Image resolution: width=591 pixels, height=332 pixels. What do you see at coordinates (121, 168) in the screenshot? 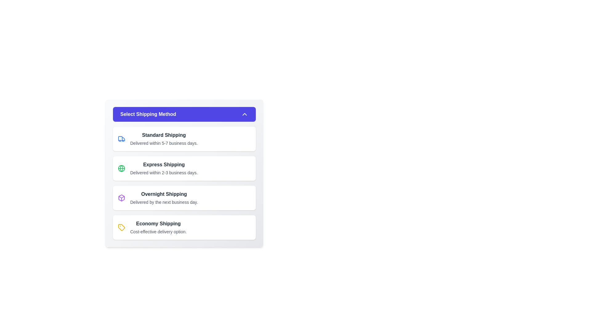
I see `the green globe icon located at the top left corner of the 'Express Shipping' card, which is the second option in the list of shipping methods` at bounding box center [121, 168].